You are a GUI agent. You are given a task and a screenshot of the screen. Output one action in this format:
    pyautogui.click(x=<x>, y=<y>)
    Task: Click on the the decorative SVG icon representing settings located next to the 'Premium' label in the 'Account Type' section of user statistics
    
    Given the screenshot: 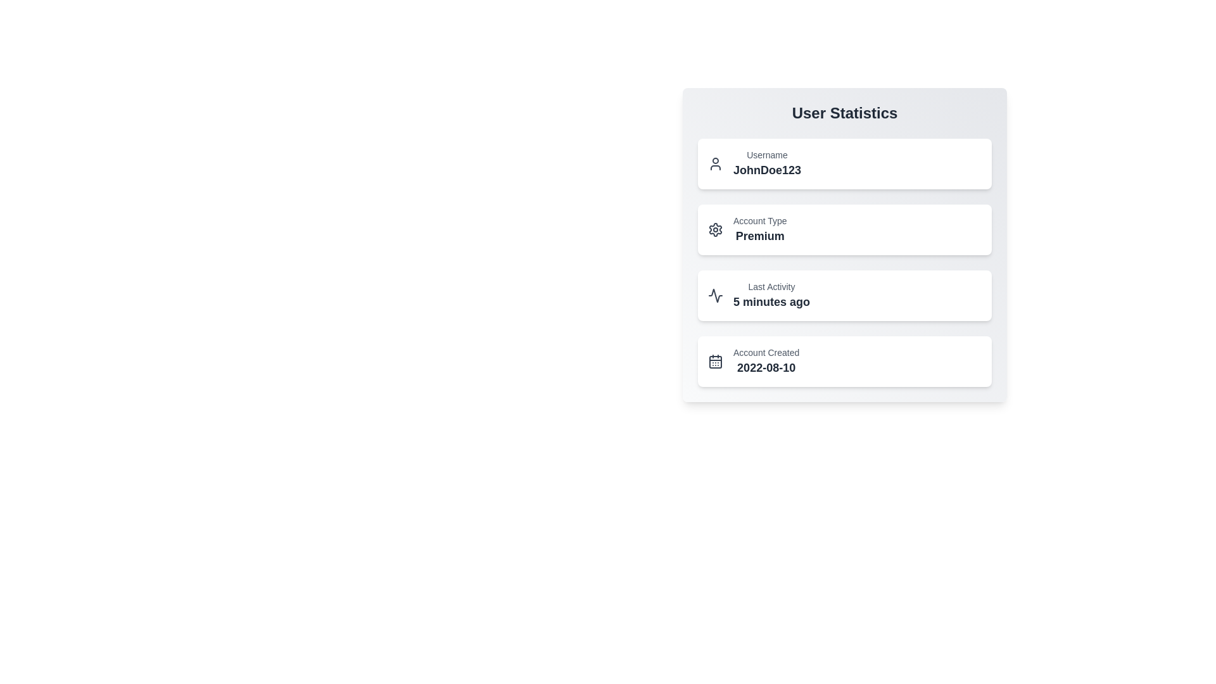 What is the action you would take?
    pyautogui.click(x=715, y=229)
    